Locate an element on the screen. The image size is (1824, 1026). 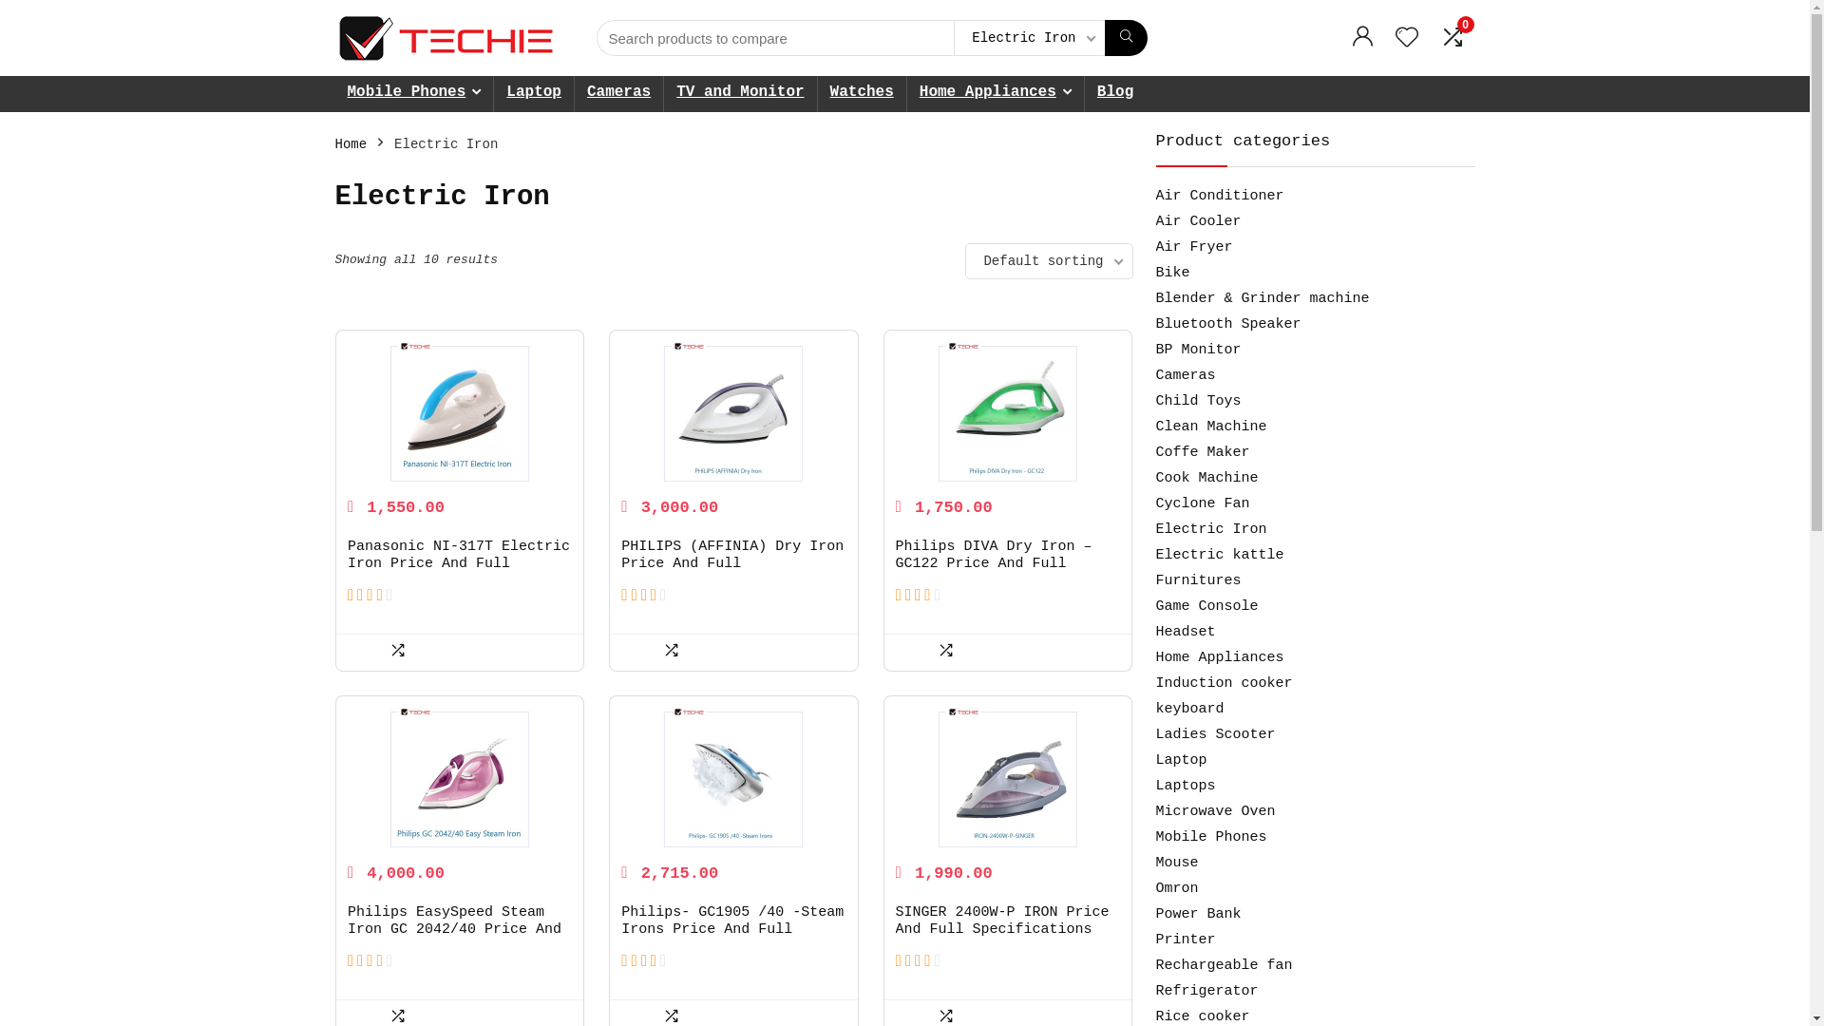
'Watches' is located at coordinates (861, 94).